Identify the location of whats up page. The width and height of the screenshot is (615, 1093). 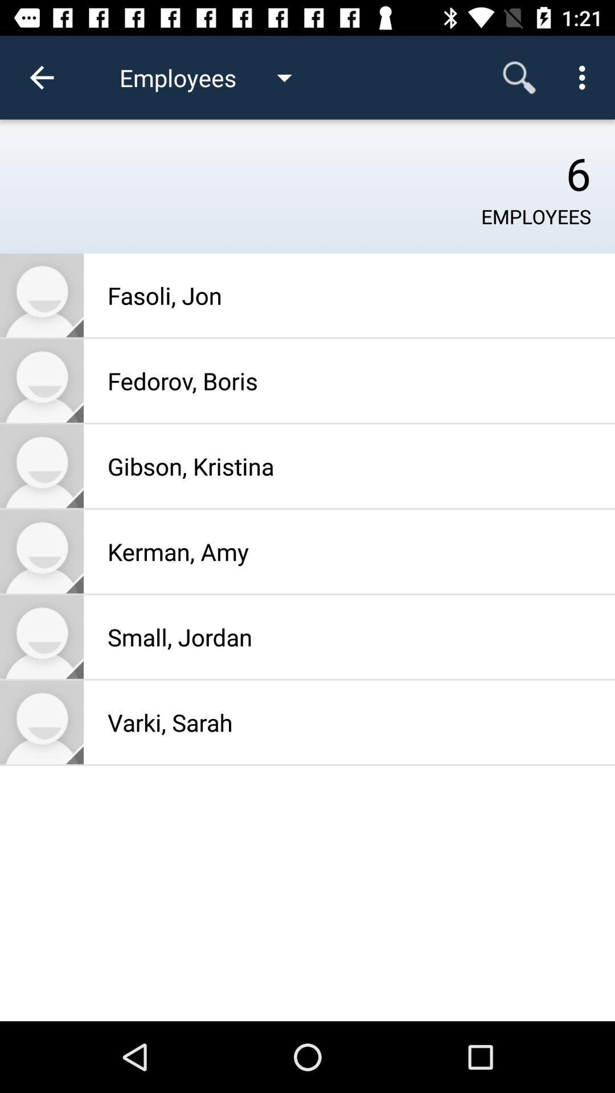
(41, 721).